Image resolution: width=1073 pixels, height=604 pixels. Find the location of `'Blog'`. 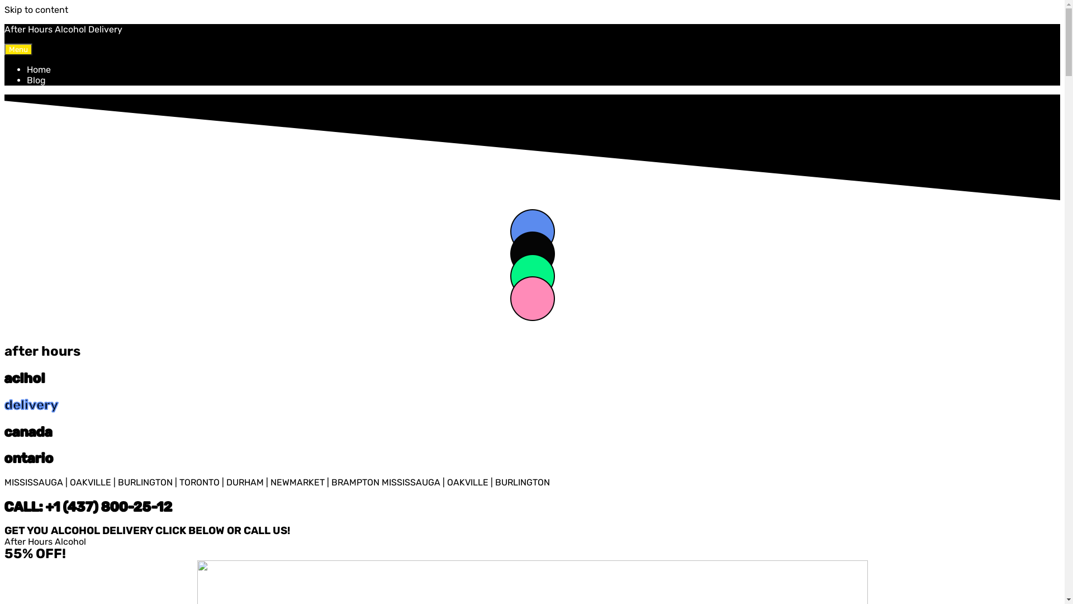

'Blog' is located at coordinates (36, 79).